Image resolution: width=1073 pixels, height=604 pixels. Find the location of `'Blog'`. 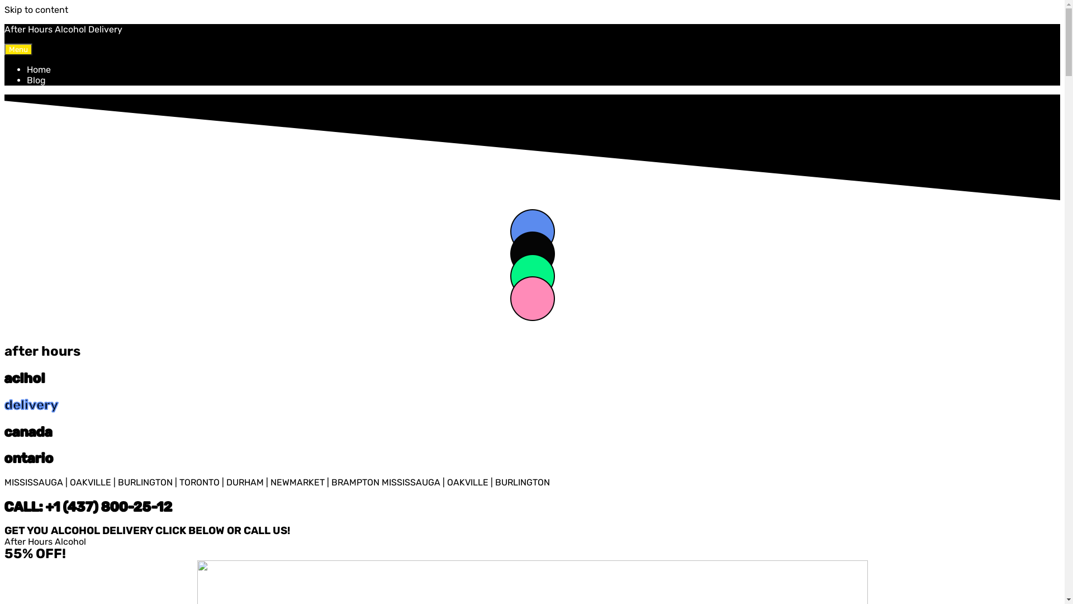

'Blog' is located at coordinates (36, 79).